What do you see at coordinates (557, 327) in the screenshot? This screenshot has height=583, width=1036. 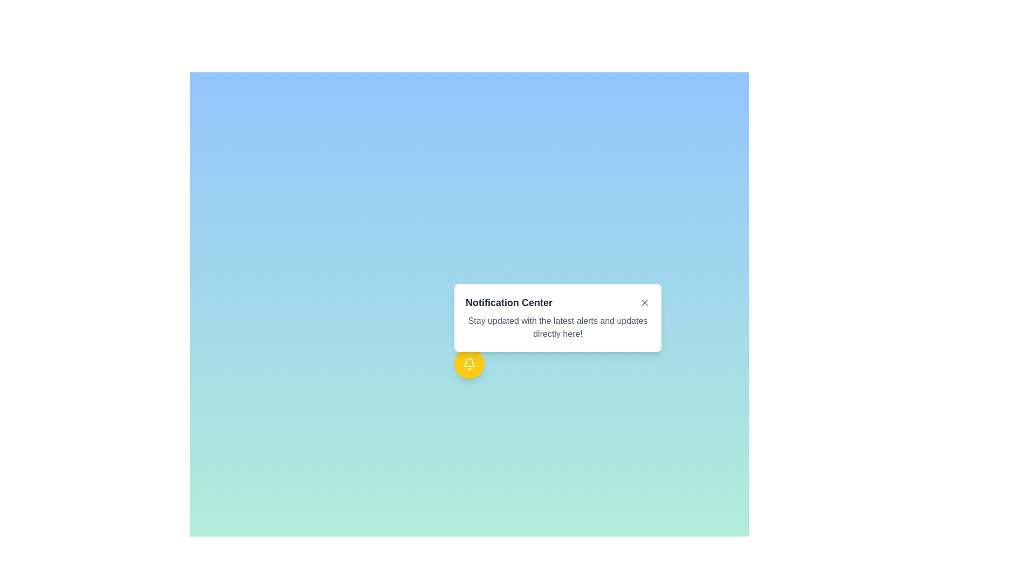 I see `the multi-line text block that contains the message 'Stay updated with the latest alerts and updates directly here!' positioned at the bottom of the white notification card` at bounding box center [557, 327].